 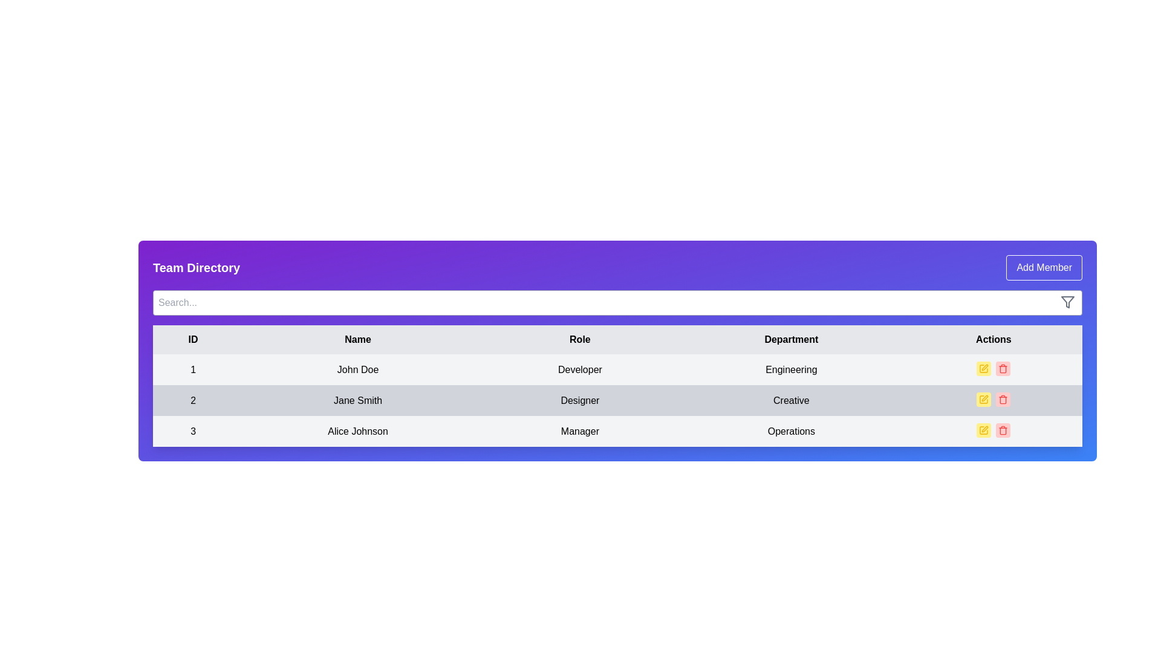 What do you see at coordinates (791, 340) in the screenshot?
I see `the 'Department' label, which is the fourth header in the table, styled in bold on a light gray background, located between 'Role' and 'Actions'` at bounding box center [791, 340].